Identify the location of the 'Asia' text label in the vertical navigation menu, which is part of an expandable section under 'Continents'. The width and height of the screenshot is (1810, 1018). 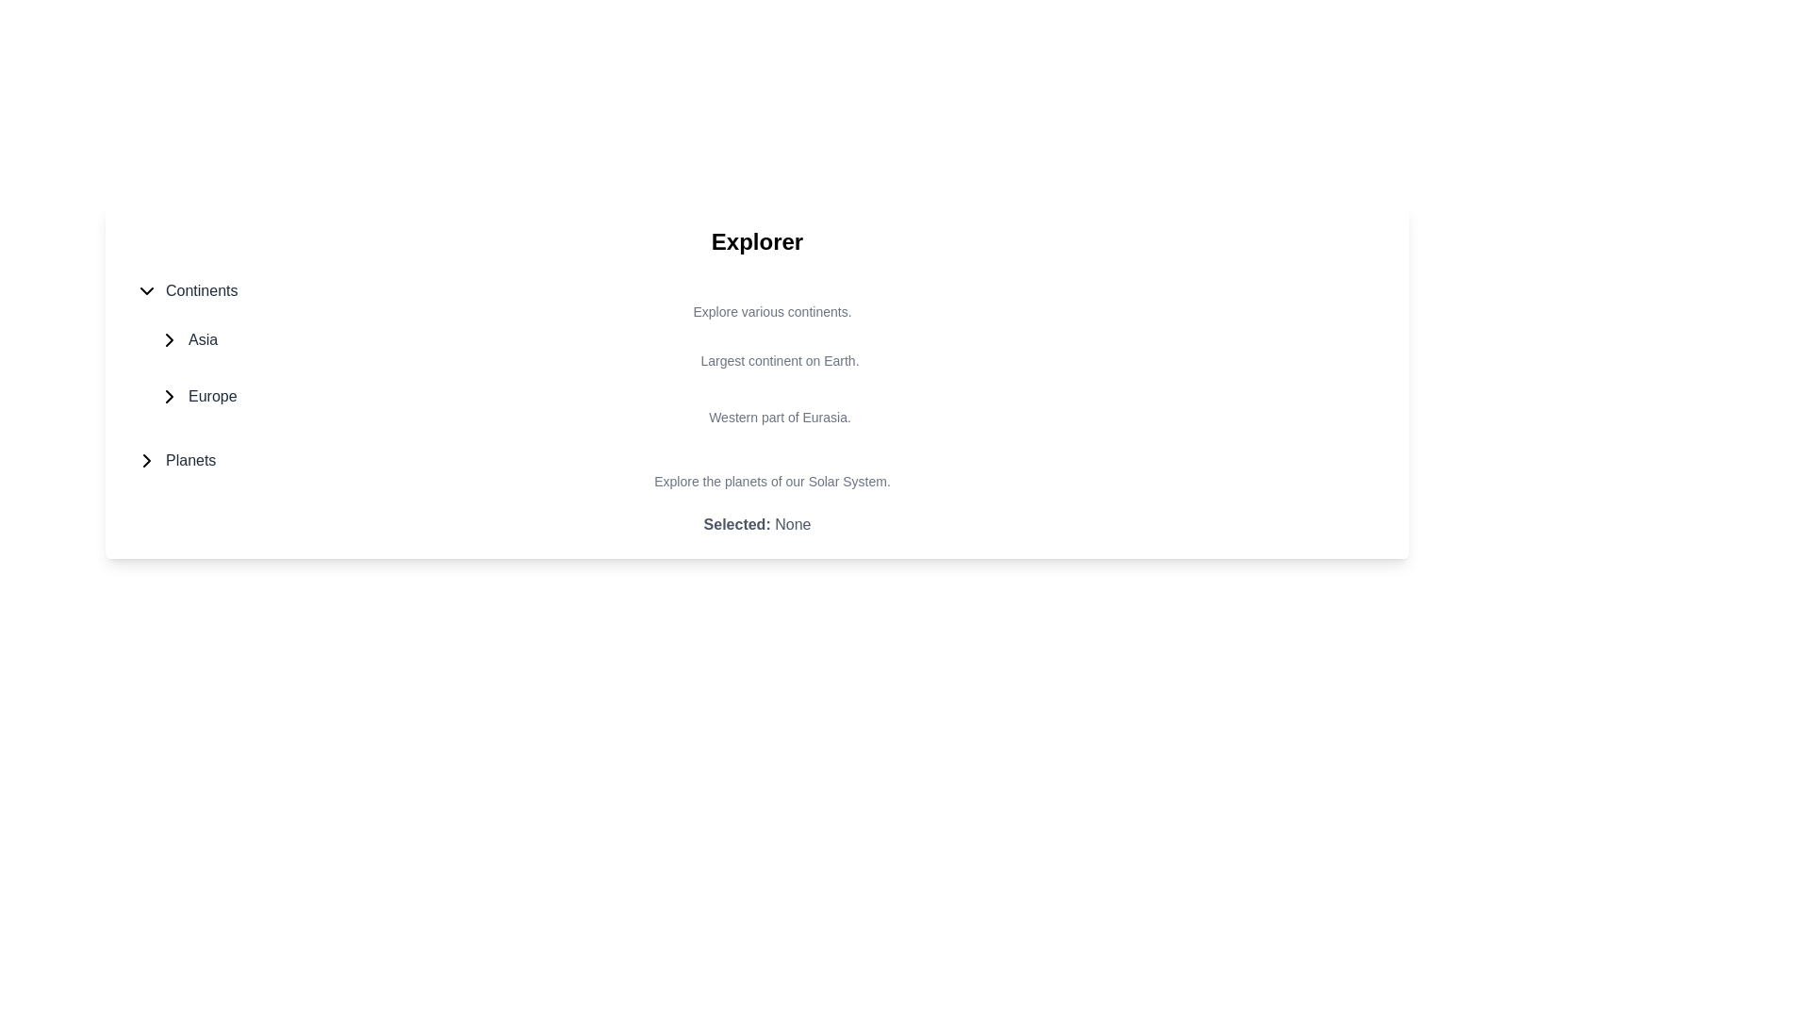
(203, 340).